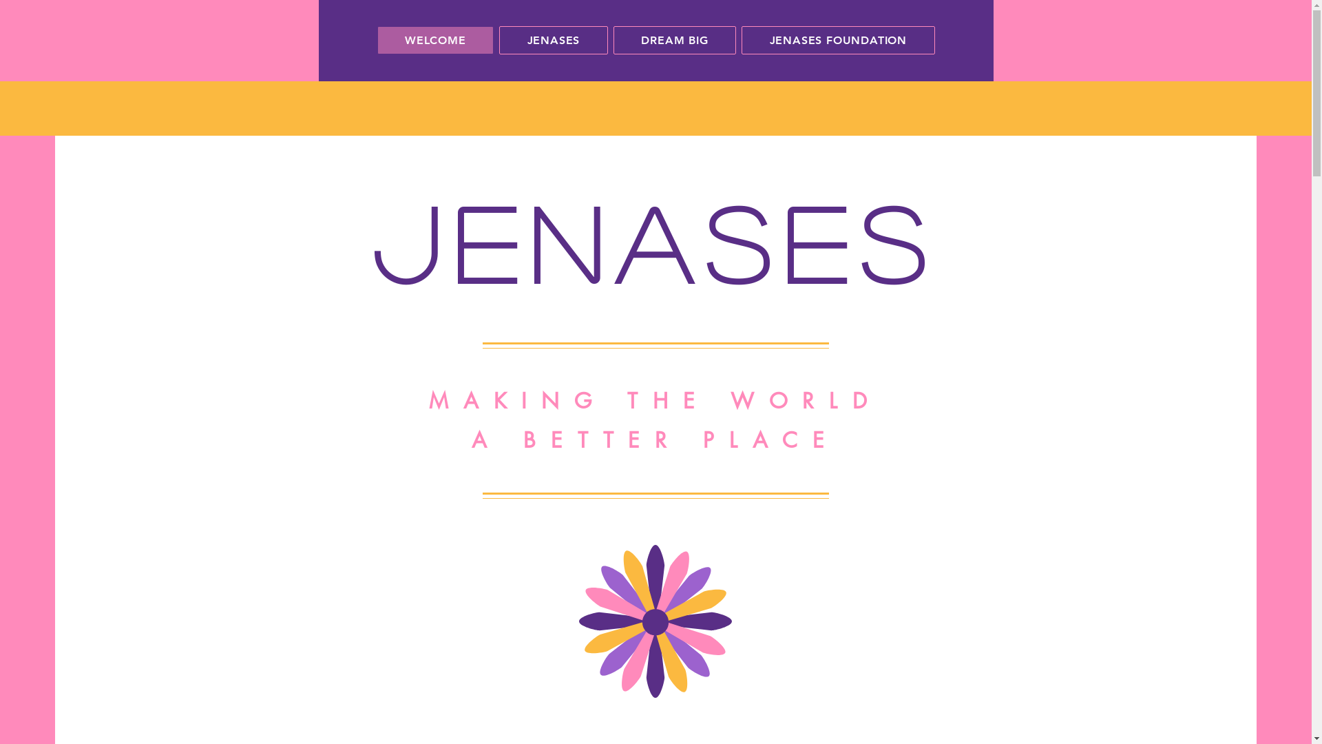 The width and height of the screenshot is (1322, 744). What do you see at coordinates (837, 39) in the screenshot?
I see `'JENASES FOUNDATION'` at bounding box center [837, 39].